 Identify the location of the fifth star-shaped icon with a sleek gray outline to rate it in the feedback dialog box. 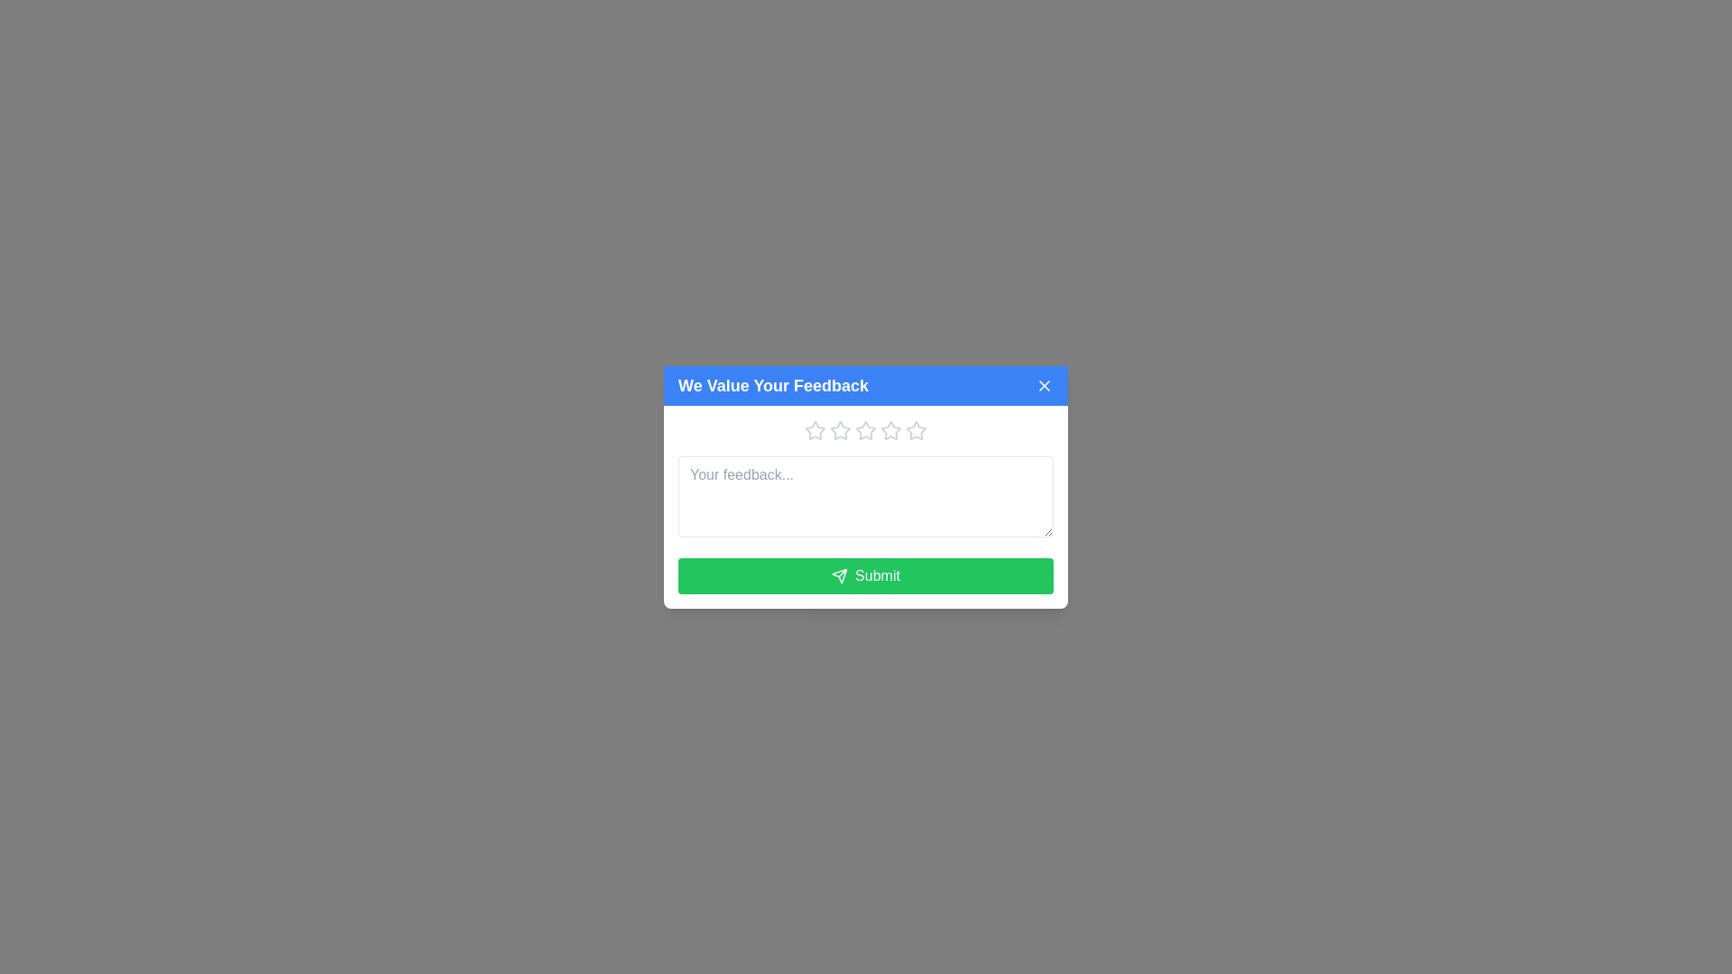
(917, 430).